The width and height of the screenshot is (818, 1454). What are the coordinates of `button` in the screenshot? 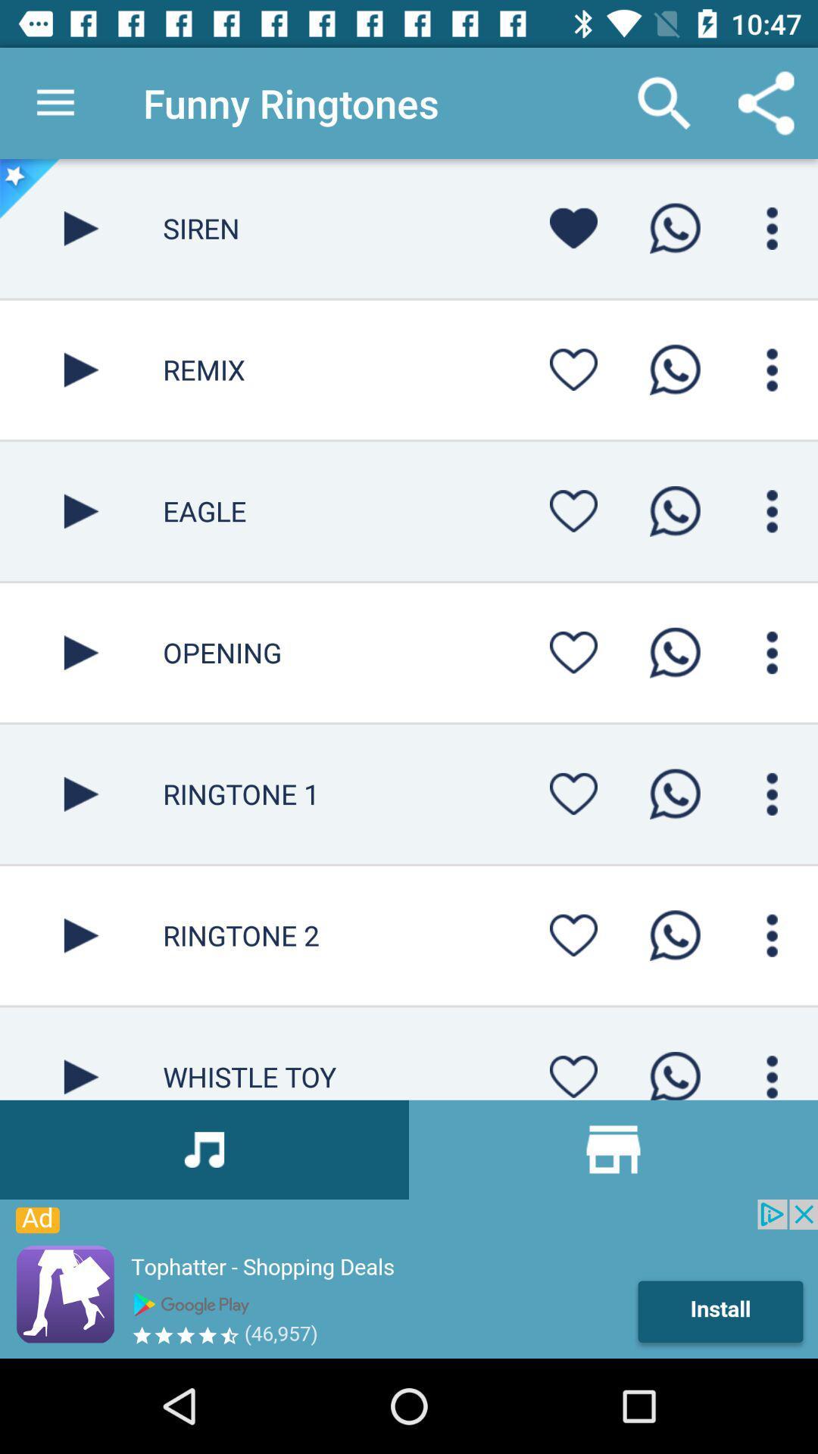 It's located at (81, 1053).